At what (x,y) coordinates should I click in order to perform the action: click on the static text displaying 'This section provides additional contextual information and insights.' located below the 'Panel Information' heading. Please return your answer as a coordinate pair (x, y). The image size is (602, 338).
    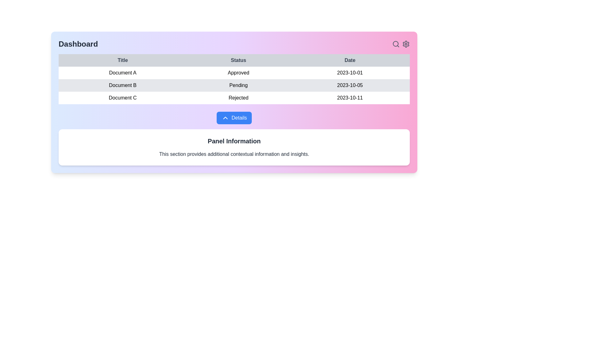
    Looking at the image, I should click on (234, 154).